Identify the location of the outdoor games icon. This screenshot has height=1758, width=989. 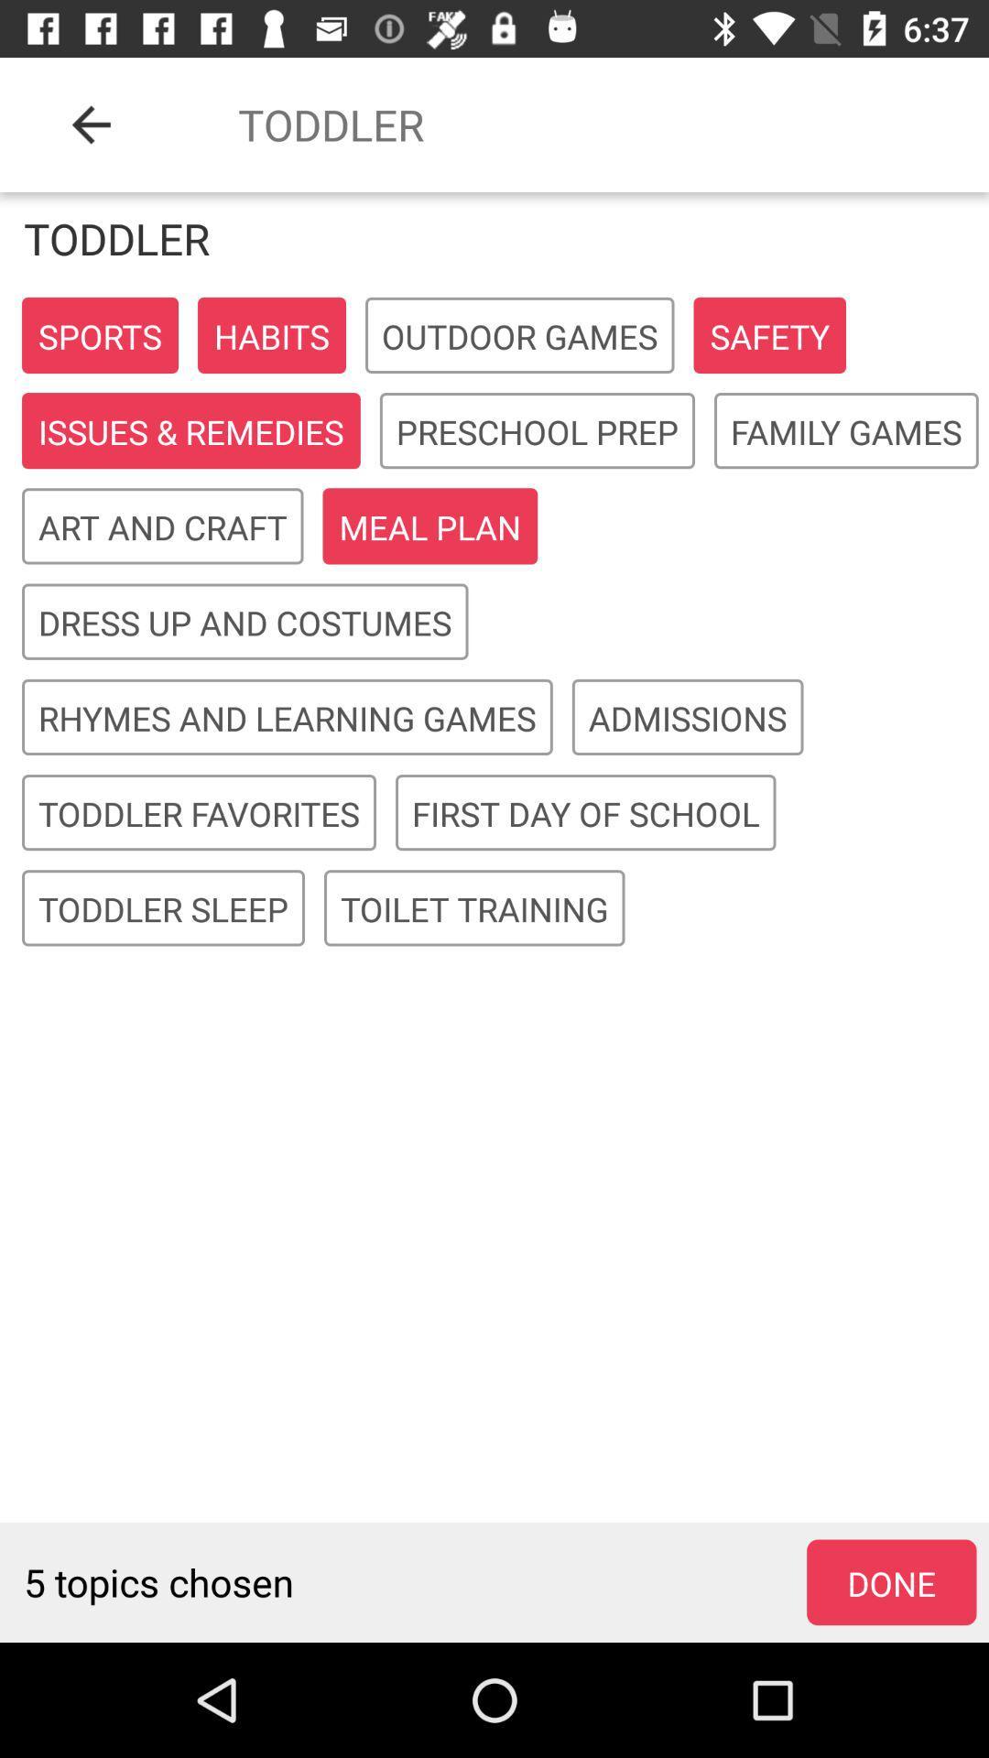
(519, 336).